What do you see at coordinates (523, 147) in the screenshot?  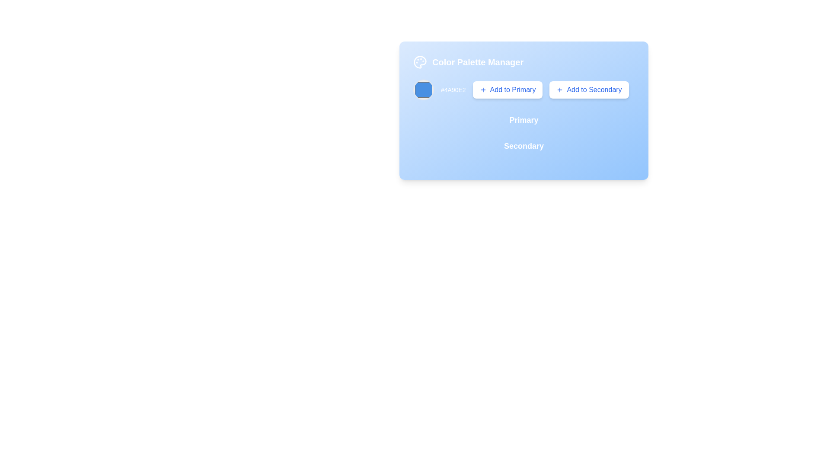 I see `the non-interactive text label indicating a section related to secondary color management within the 'Color Palette Manager' panel, located below 'Primary'` at bounding box center [523, 147].